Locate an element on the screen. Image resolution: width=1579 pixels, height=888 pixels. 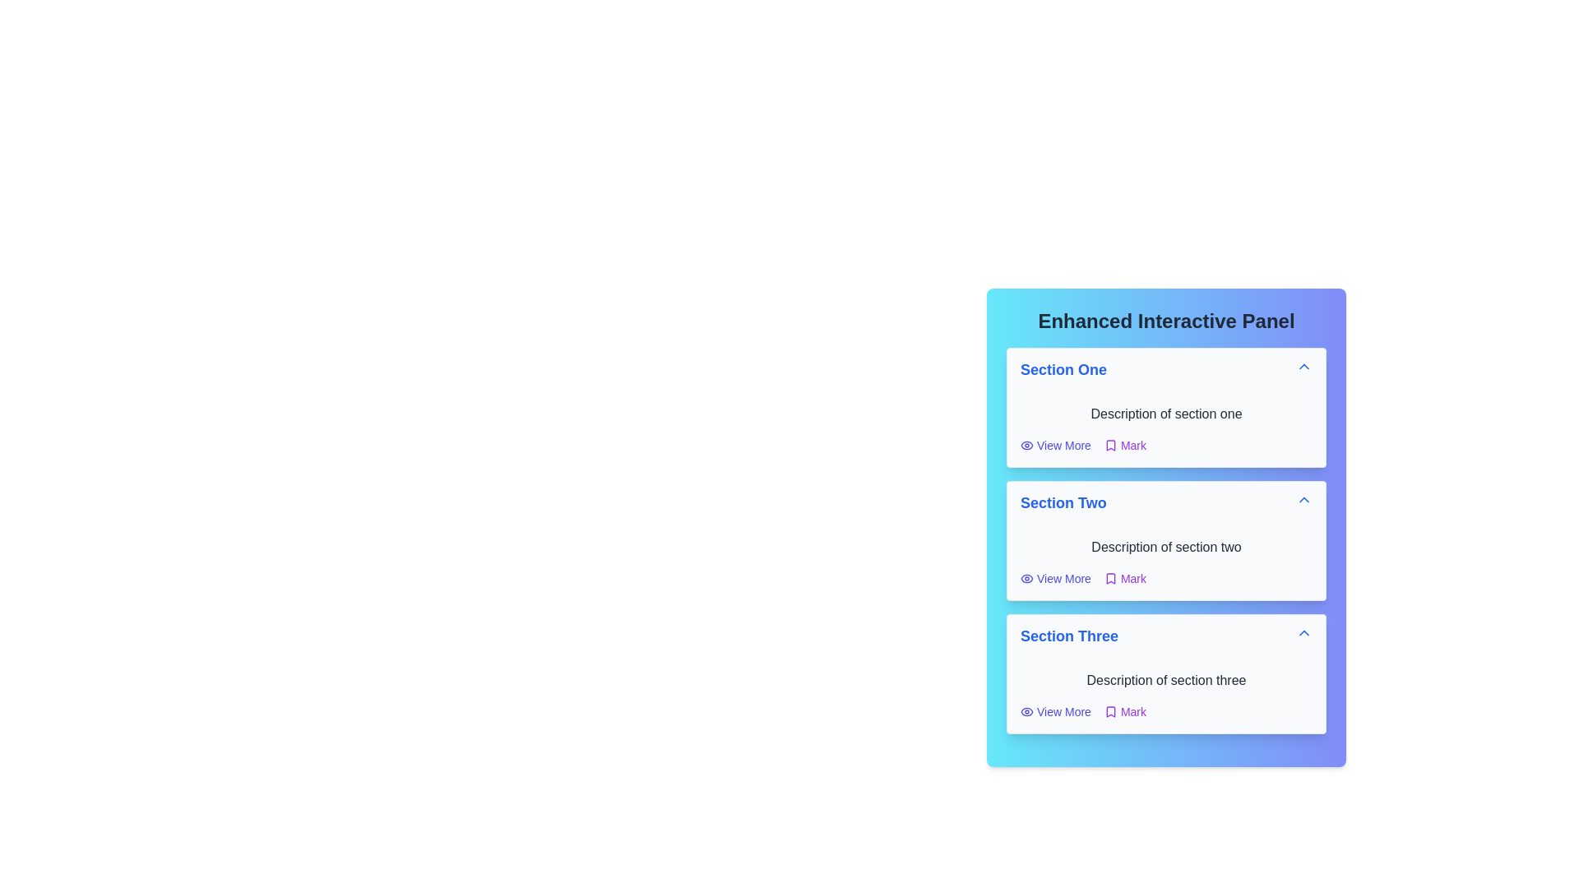
the upward-facing chevron icon located at the far right side of the 'Section Three' header is located at coordinates (1303, 632).